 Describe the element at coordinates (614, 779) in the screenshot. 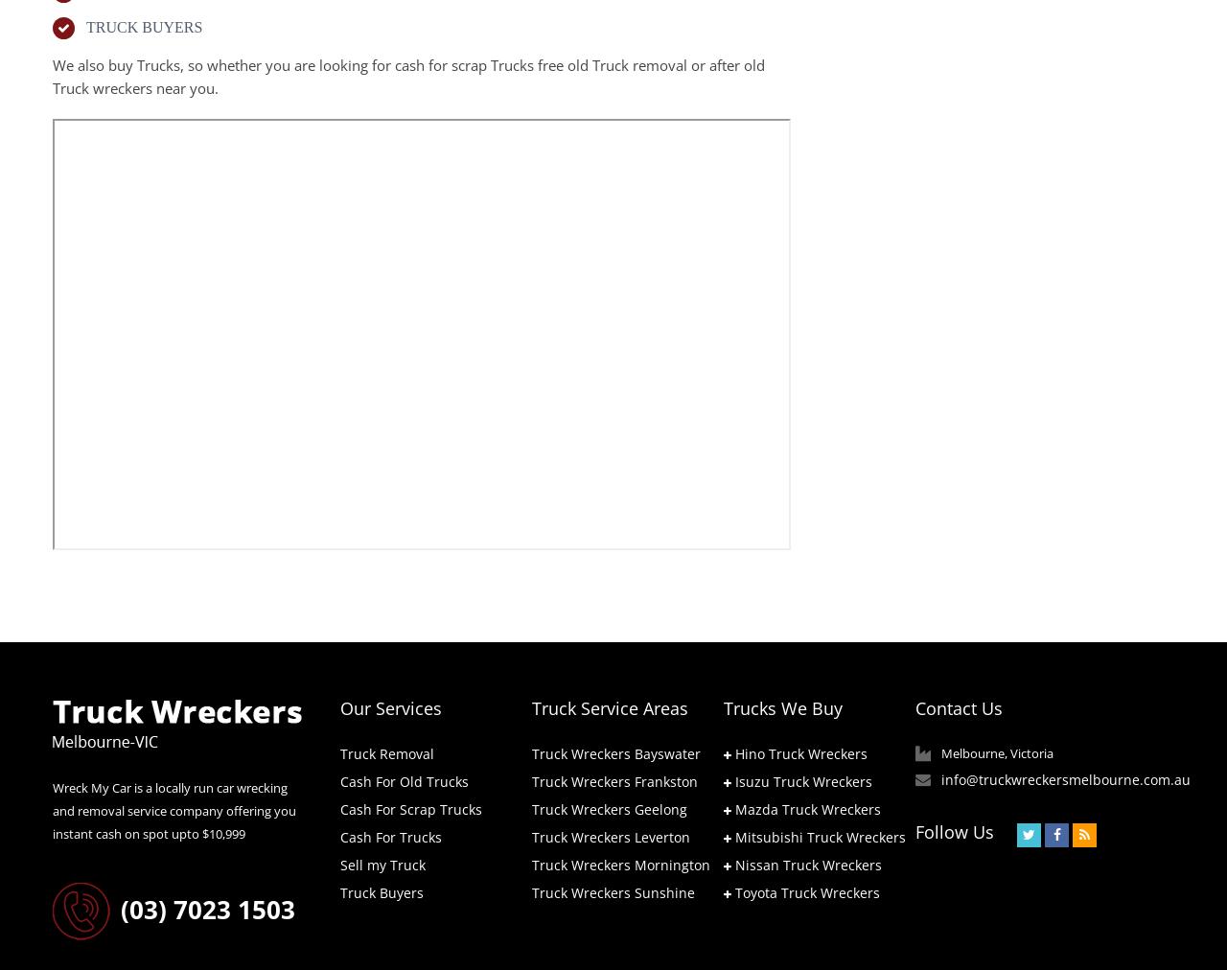

I see `'Truck Wreckers Frankston'` at that location.